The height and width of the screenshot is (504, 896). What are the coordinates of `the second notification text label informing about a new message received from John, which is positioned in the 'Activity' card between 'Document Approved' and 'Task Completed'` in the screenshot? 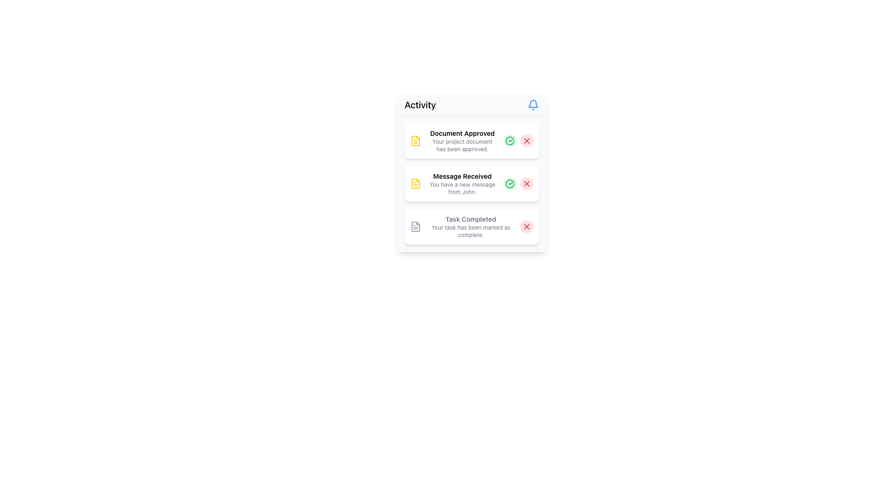 It's located at (462, 183).